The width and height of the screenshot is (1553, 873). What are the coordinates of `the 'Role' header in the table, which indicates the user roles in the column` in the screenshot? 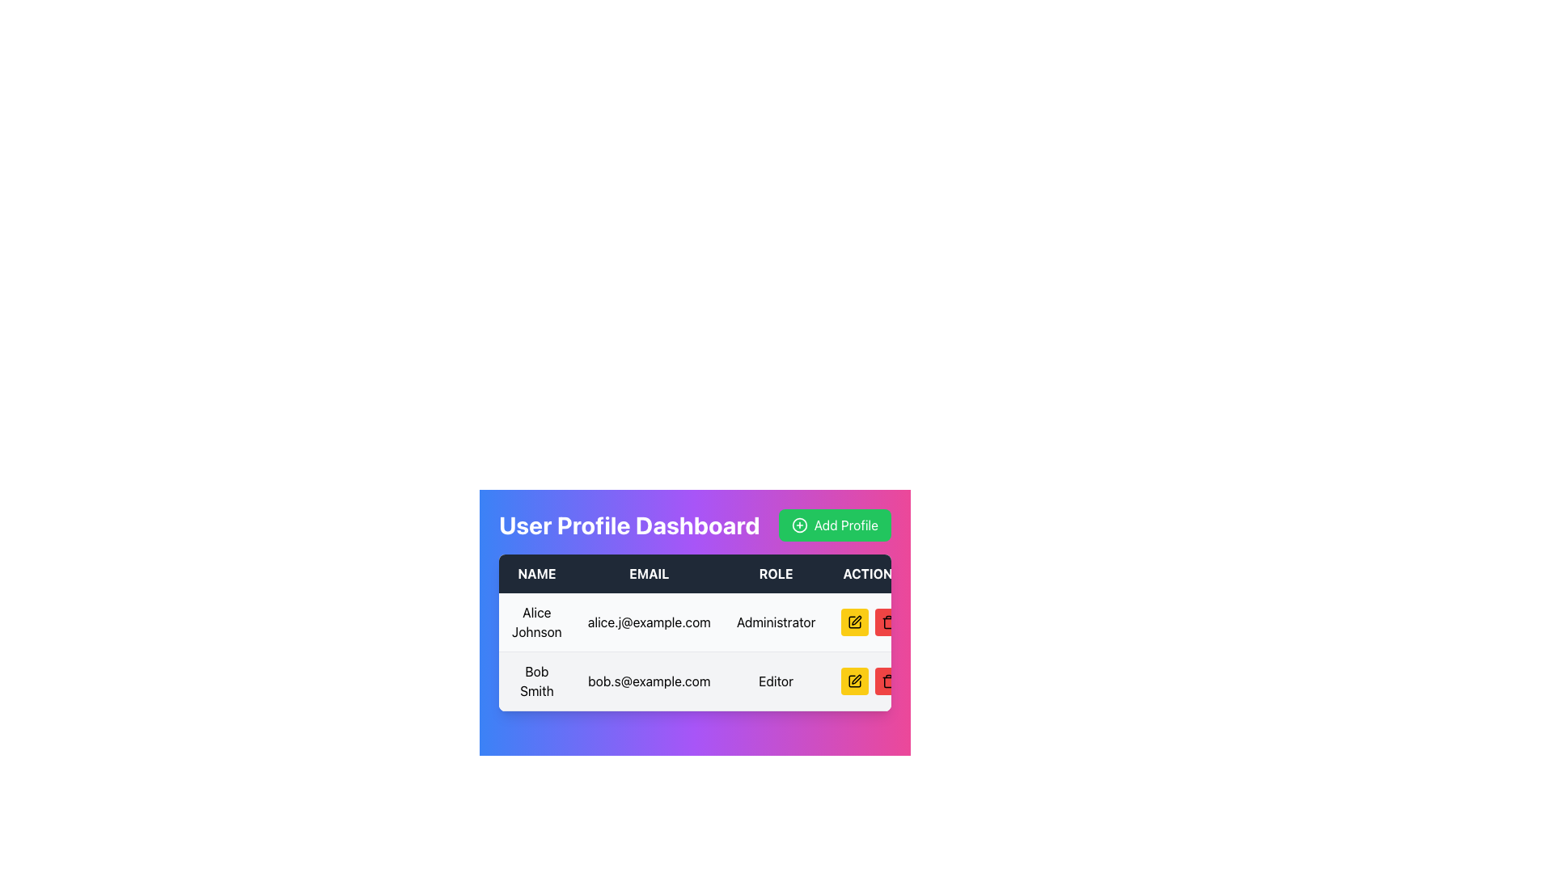 It's located at (775, 572).